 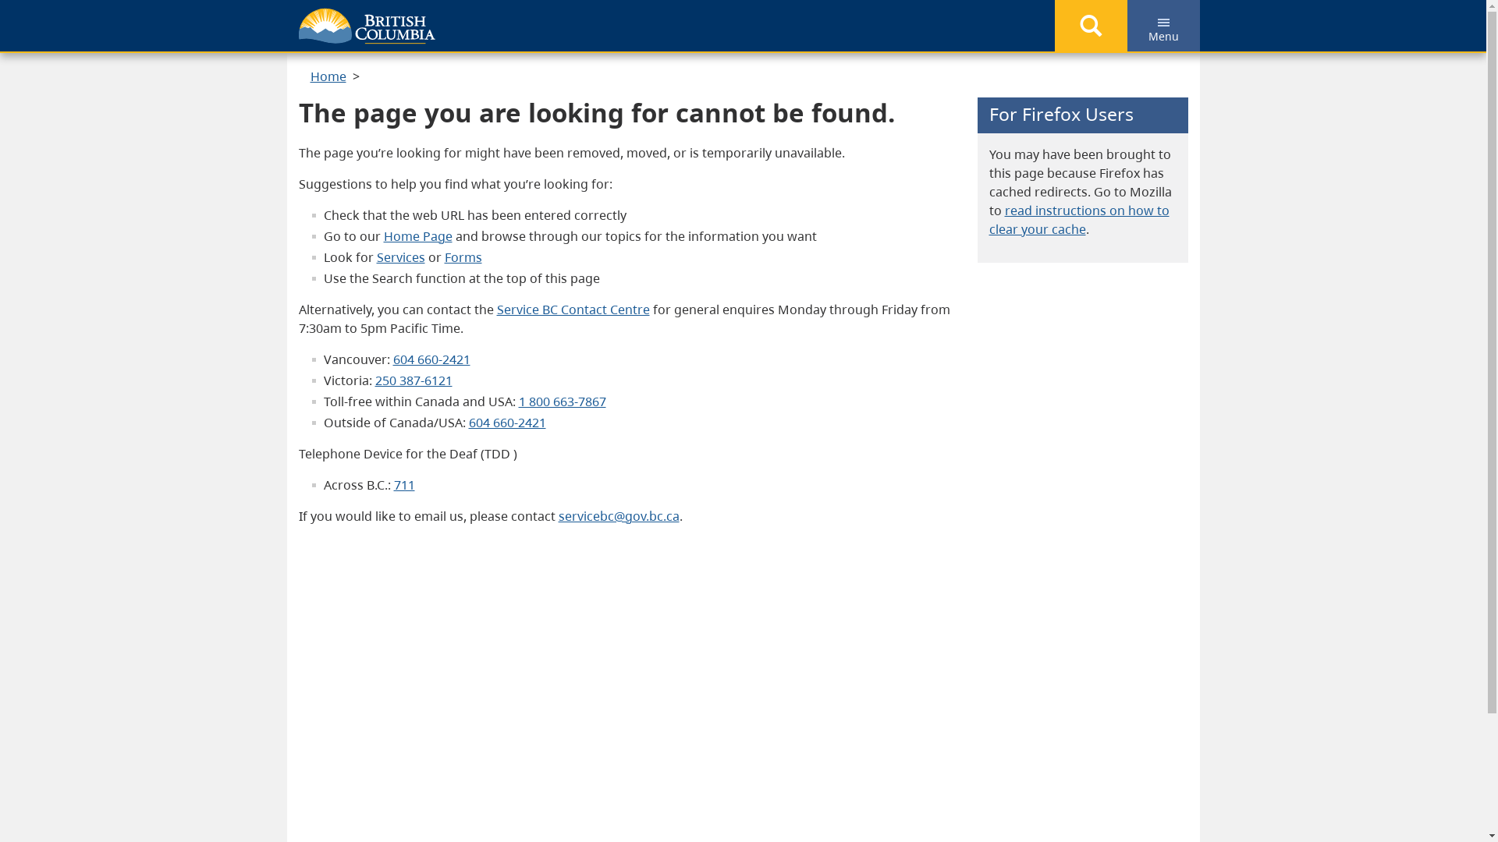 What do you see at coordinates (383, 236) in the screenshot?
I see `'Home Page'` at bounding box center [383, 236].